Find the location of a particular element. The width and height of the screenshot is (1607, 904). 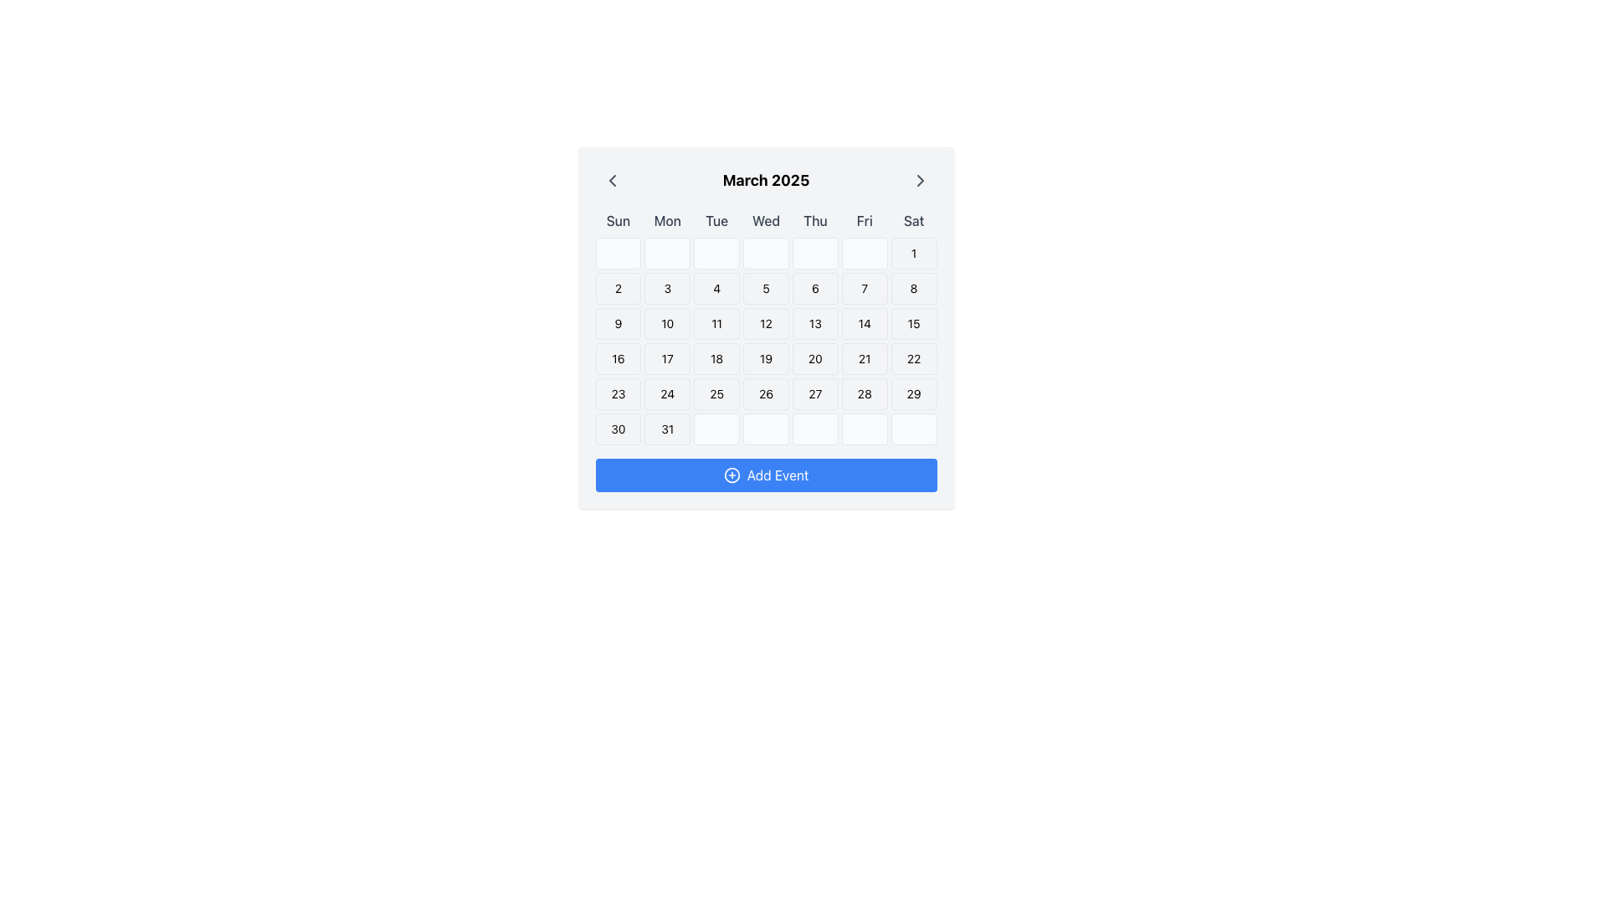

the button located in the top-right corner of the calendar interface is located at coordinates (919, 181).